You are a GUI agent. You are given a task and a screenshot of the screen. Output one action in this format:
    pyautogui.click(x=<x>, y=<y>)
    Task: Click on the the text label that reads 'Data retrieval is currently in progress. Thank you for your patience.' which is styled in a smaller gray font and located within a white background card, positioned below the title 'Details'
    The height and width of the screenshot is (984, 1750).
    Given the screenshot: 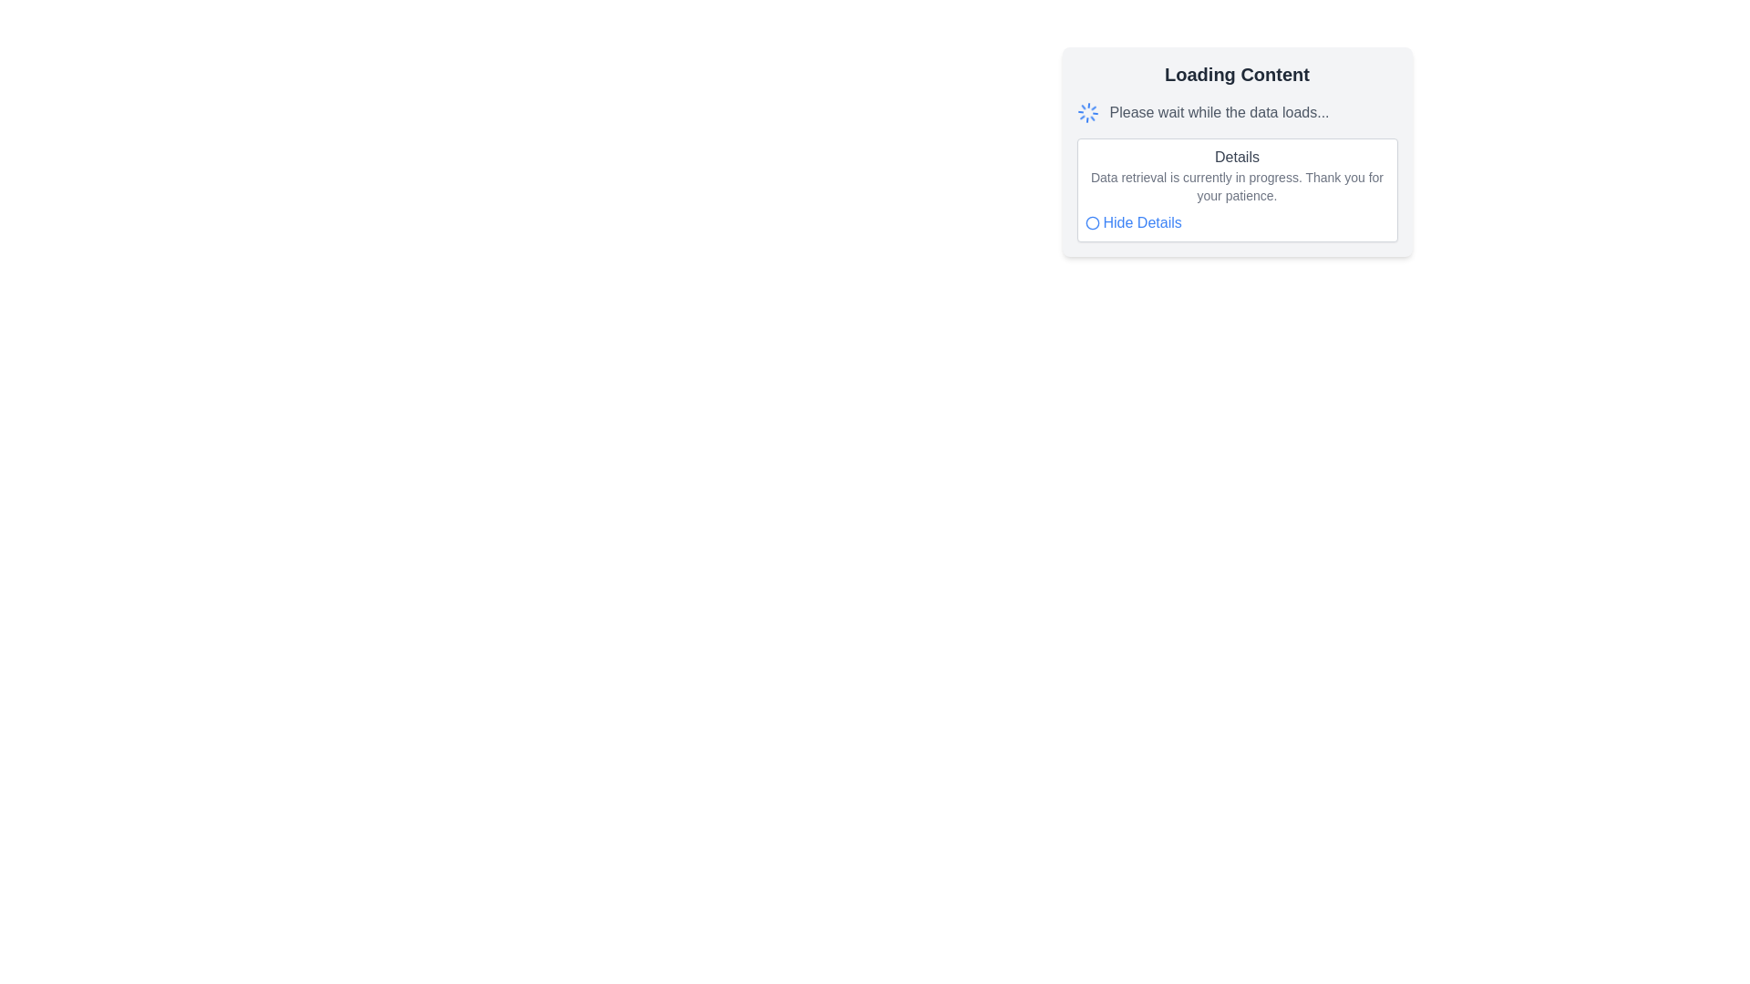 What is the action you would take?
    pyautogui.click(x=1237, y=186)
    